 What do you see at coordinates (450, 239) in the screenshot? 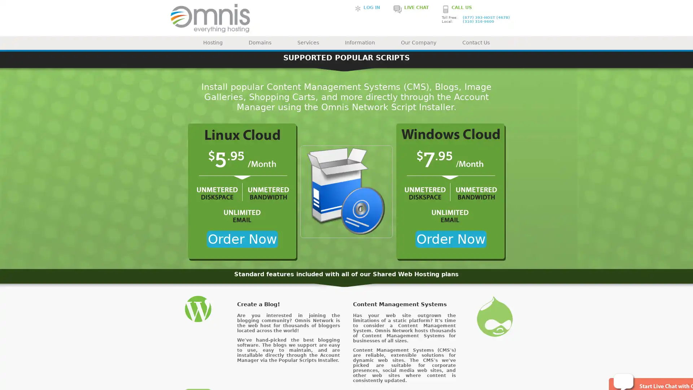
I see `Order Now` at bounding box center [450, 239].